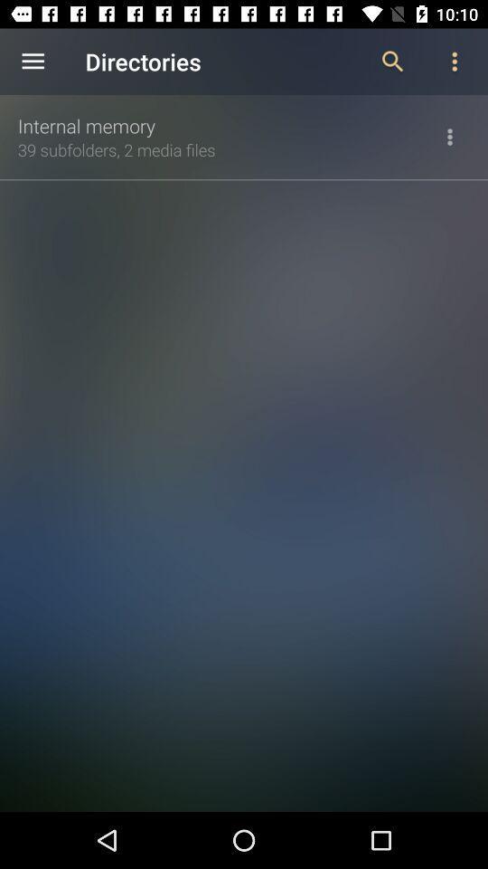 This screenshot has width=488, height=869. Describe the element at coordinates (448, 136) in the screenshot. I see `icon next to the 39 subfolders 2 icon` at that location.